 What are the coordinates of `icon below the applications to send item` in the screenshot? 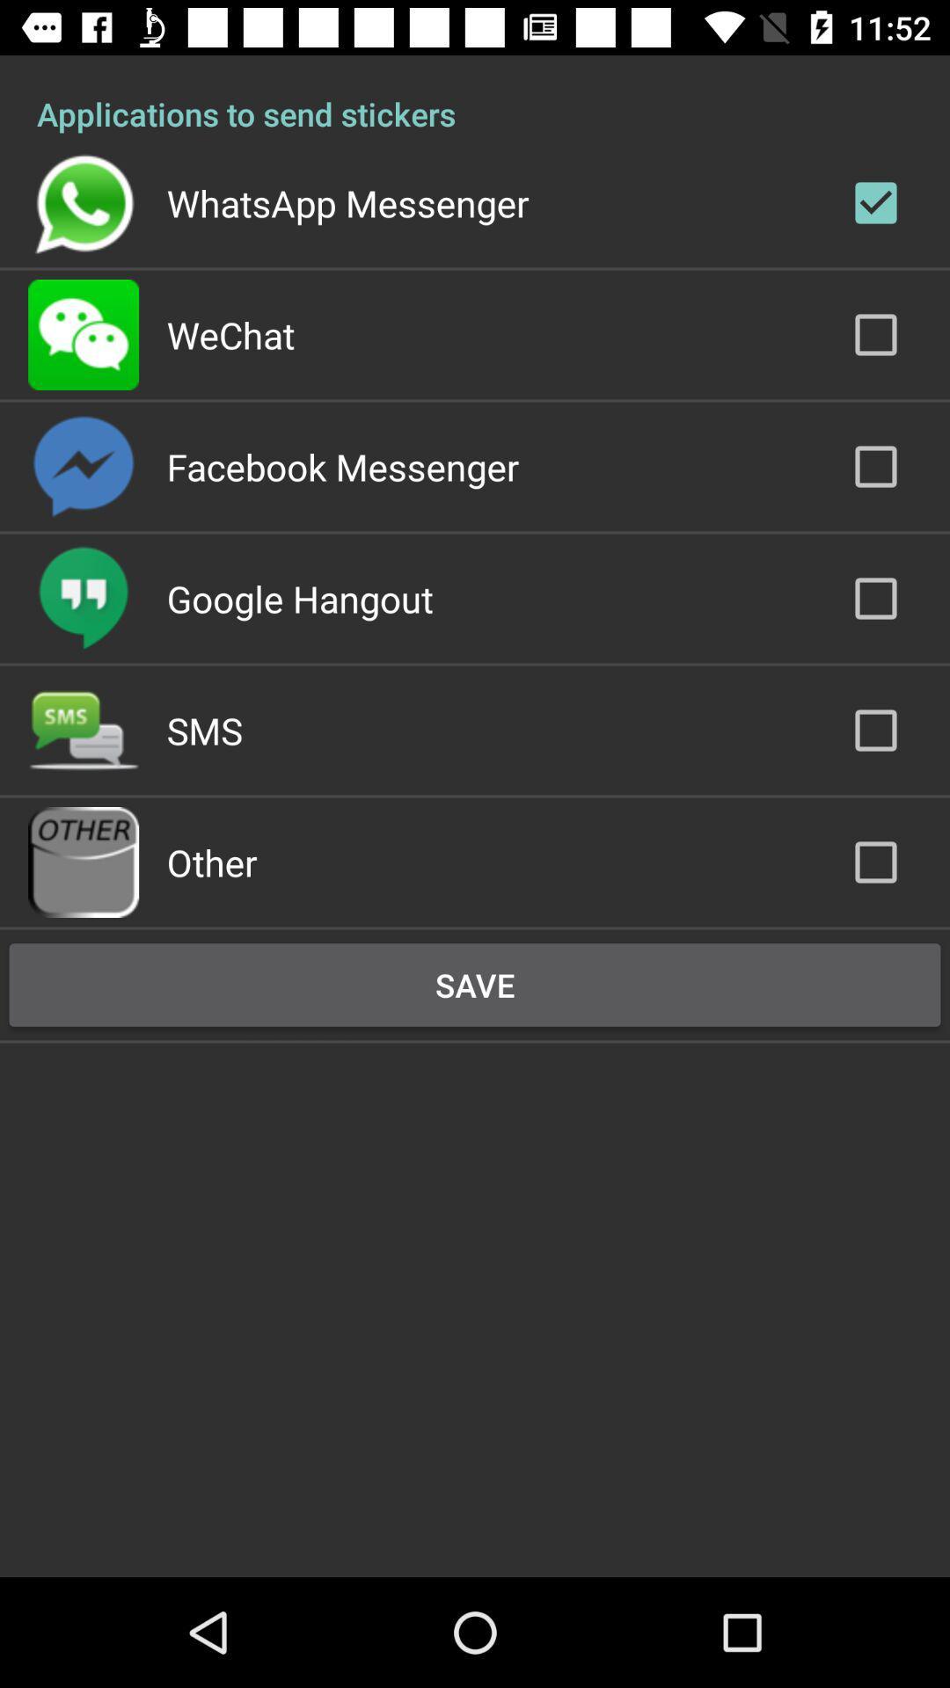 It's located at (347, 202).